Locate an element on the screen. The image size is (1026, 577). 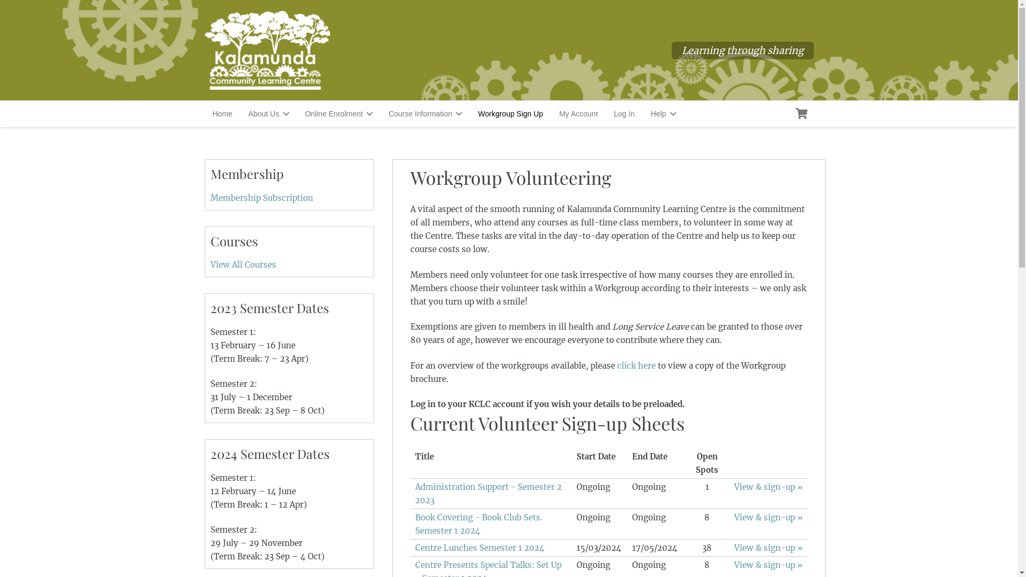
'Online Enrolment' is located at coordinates (297, 113).